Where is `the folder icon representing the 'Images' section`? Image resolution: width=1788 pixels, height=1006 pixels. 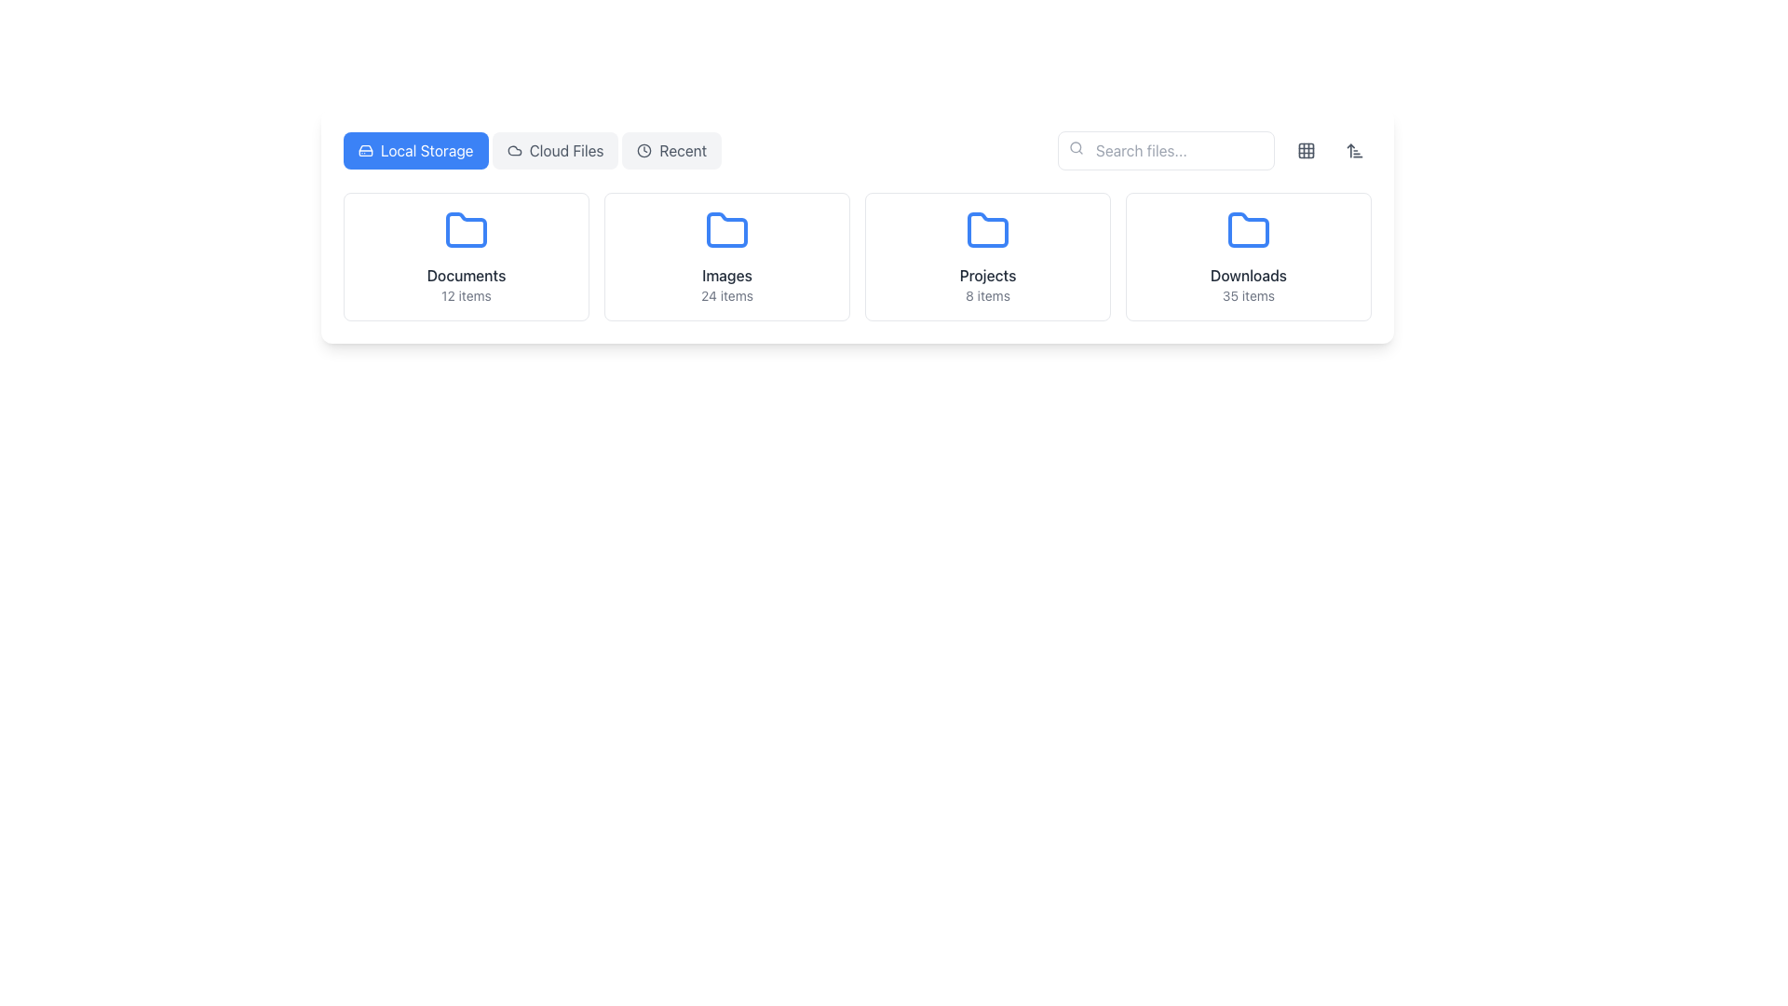
the folder icon representing the 'Images' section is located at coordinates (726, 229).